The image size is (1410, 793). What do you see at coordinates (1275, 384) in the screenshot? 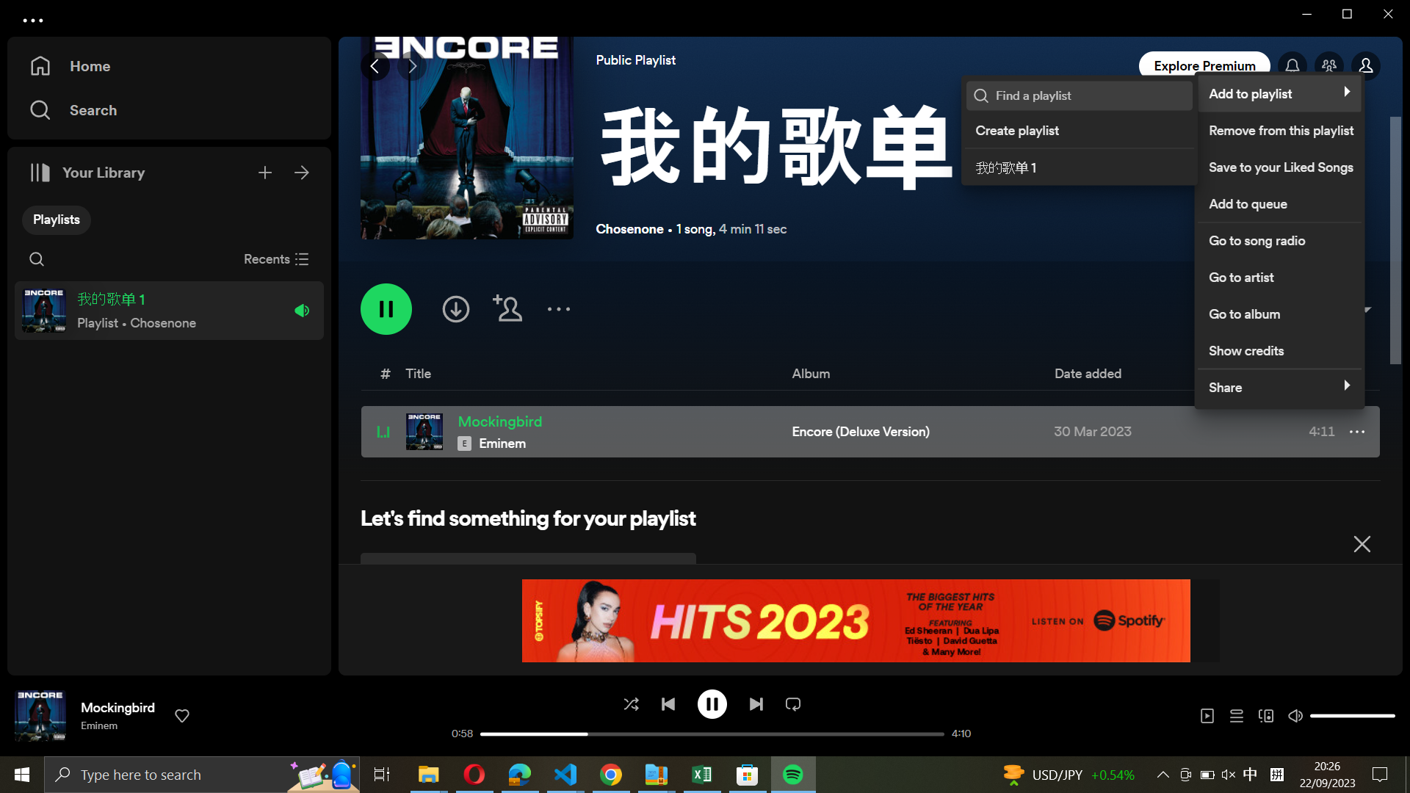
I see `Distribute the track` at bounding box center [1275, 384].